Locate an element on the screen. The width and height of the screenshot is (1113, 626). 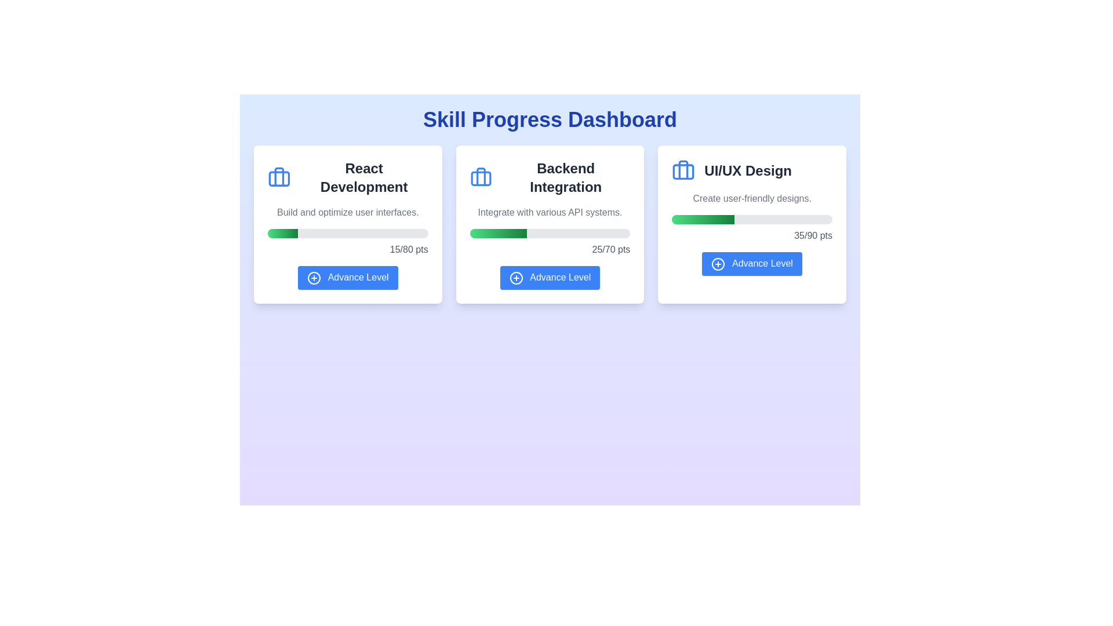
the Text header at the top of the interface that indicates the theme and content related to skill progress tracking is located at coordinates (550, 120).